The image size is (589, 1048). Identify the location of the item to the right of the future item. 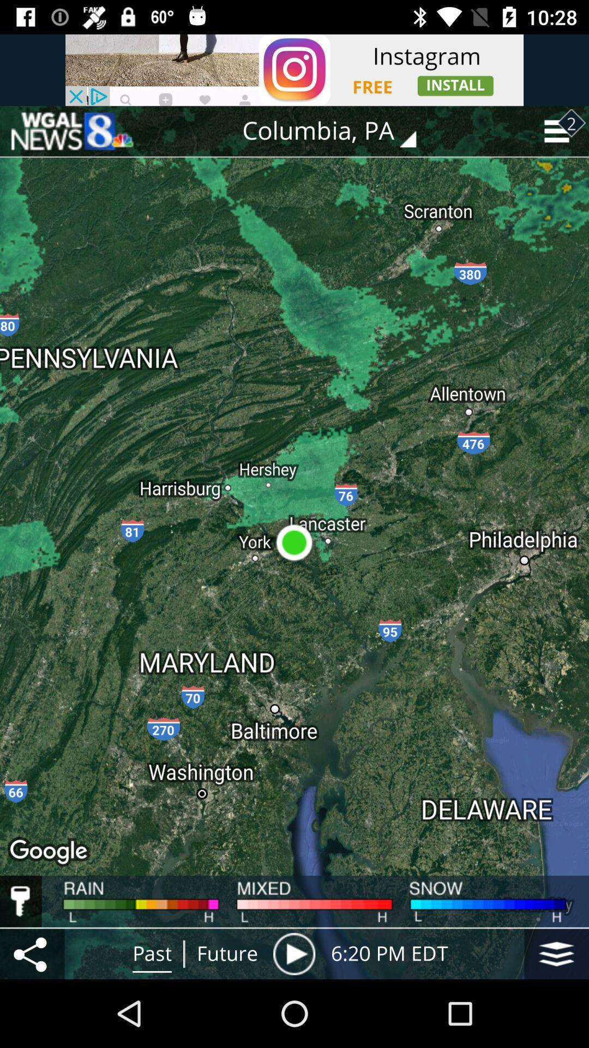
(293, 953).